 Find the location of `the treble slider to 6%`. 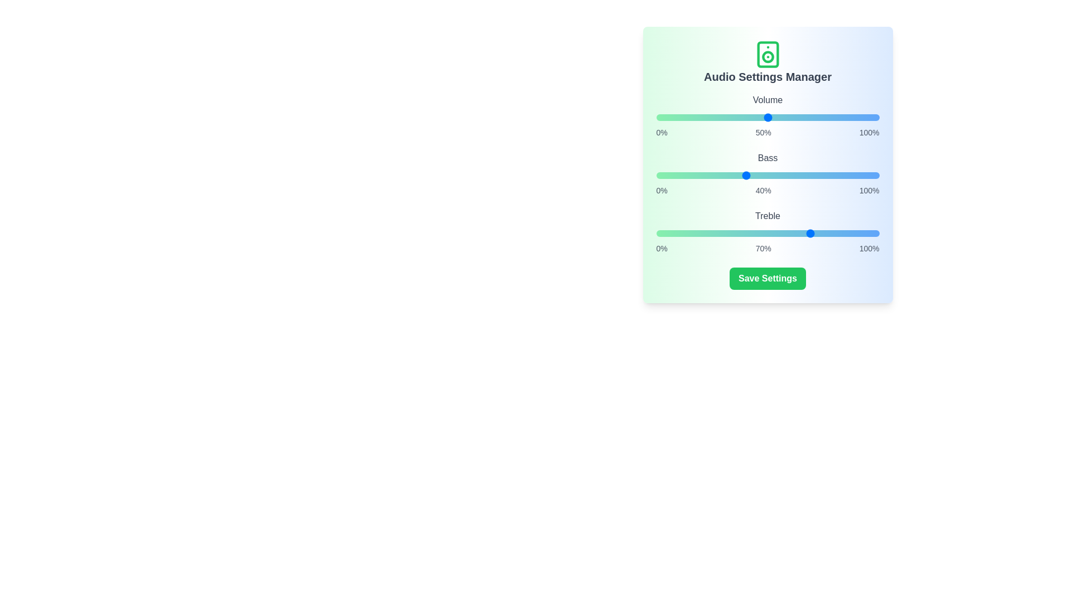

the treble slider to 6% is located at coordinates (669, 233).